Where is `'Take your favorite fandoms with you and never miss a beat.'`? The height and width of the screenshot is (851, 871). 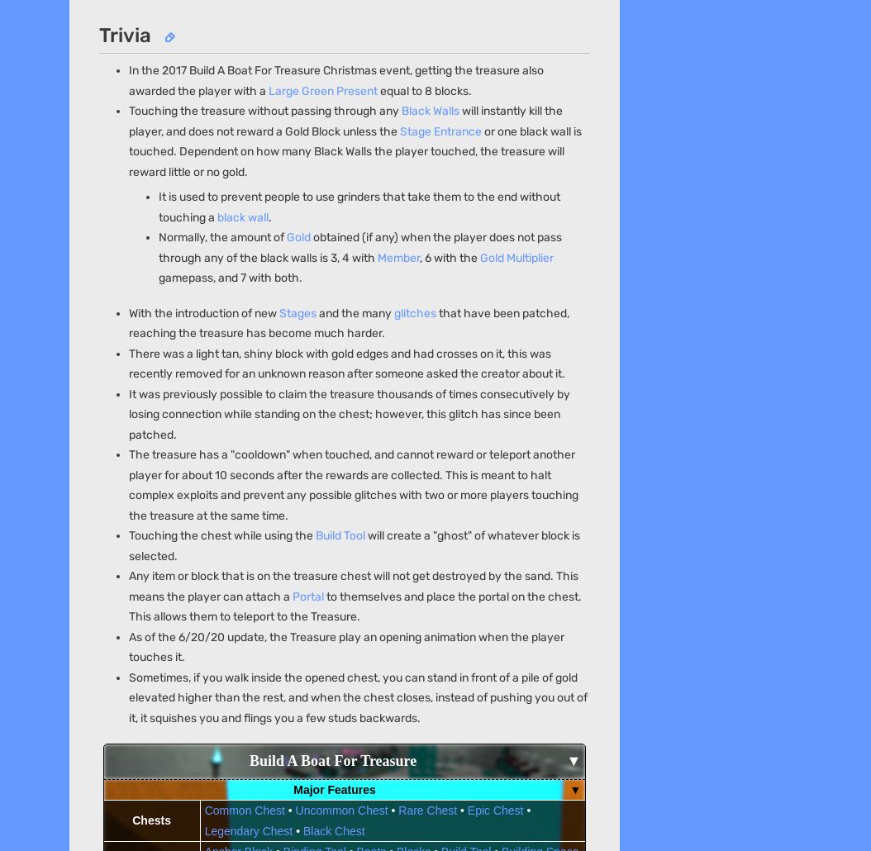 'Take your favorite fandoms with you and never miss a beat.' is located at coordinates (224, 571).